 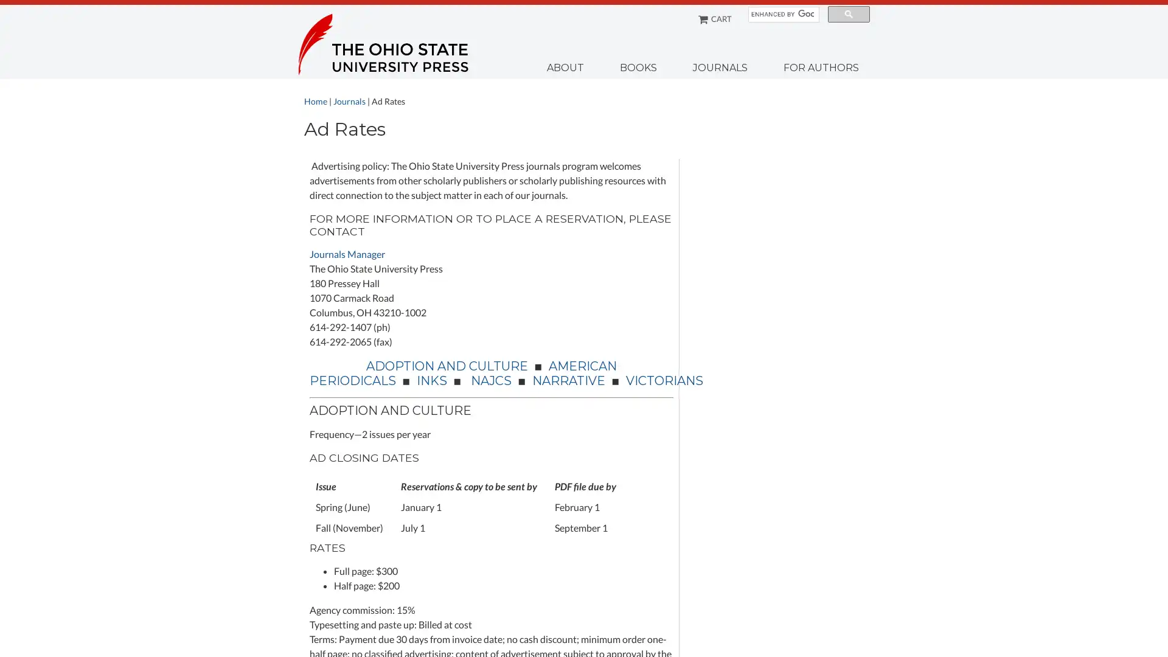 I want to click on search, so click(x=848, y=14).